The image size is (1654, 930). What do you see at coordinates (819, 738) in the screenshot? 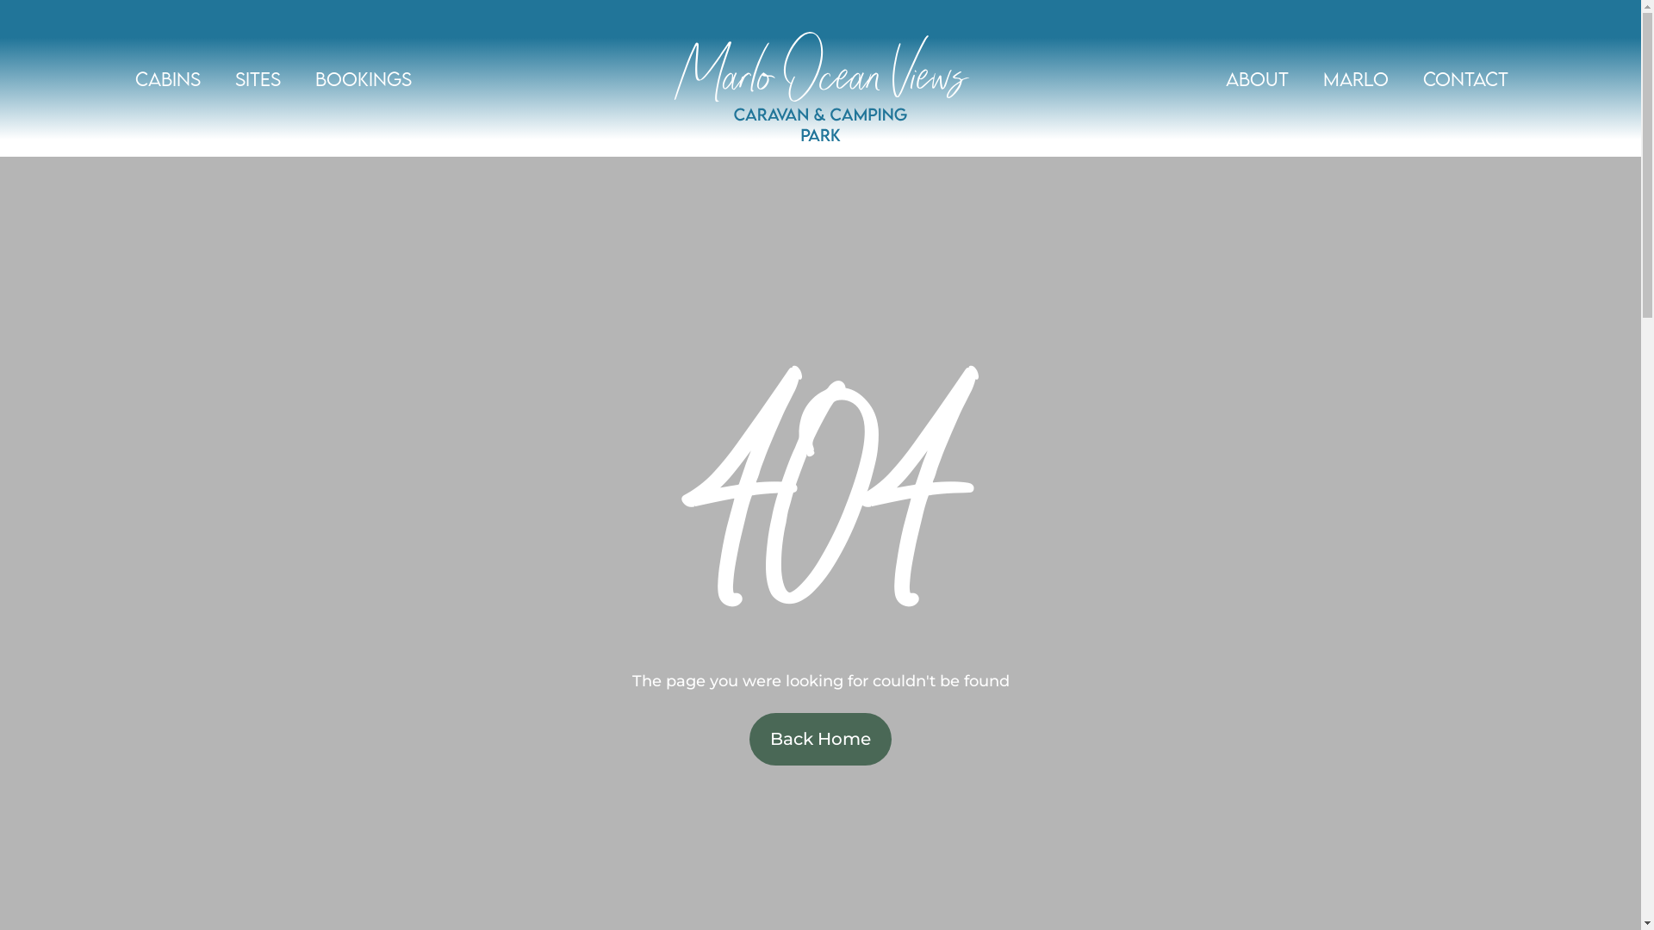
I see `'Back Home'` at bounding box center [819, 738].